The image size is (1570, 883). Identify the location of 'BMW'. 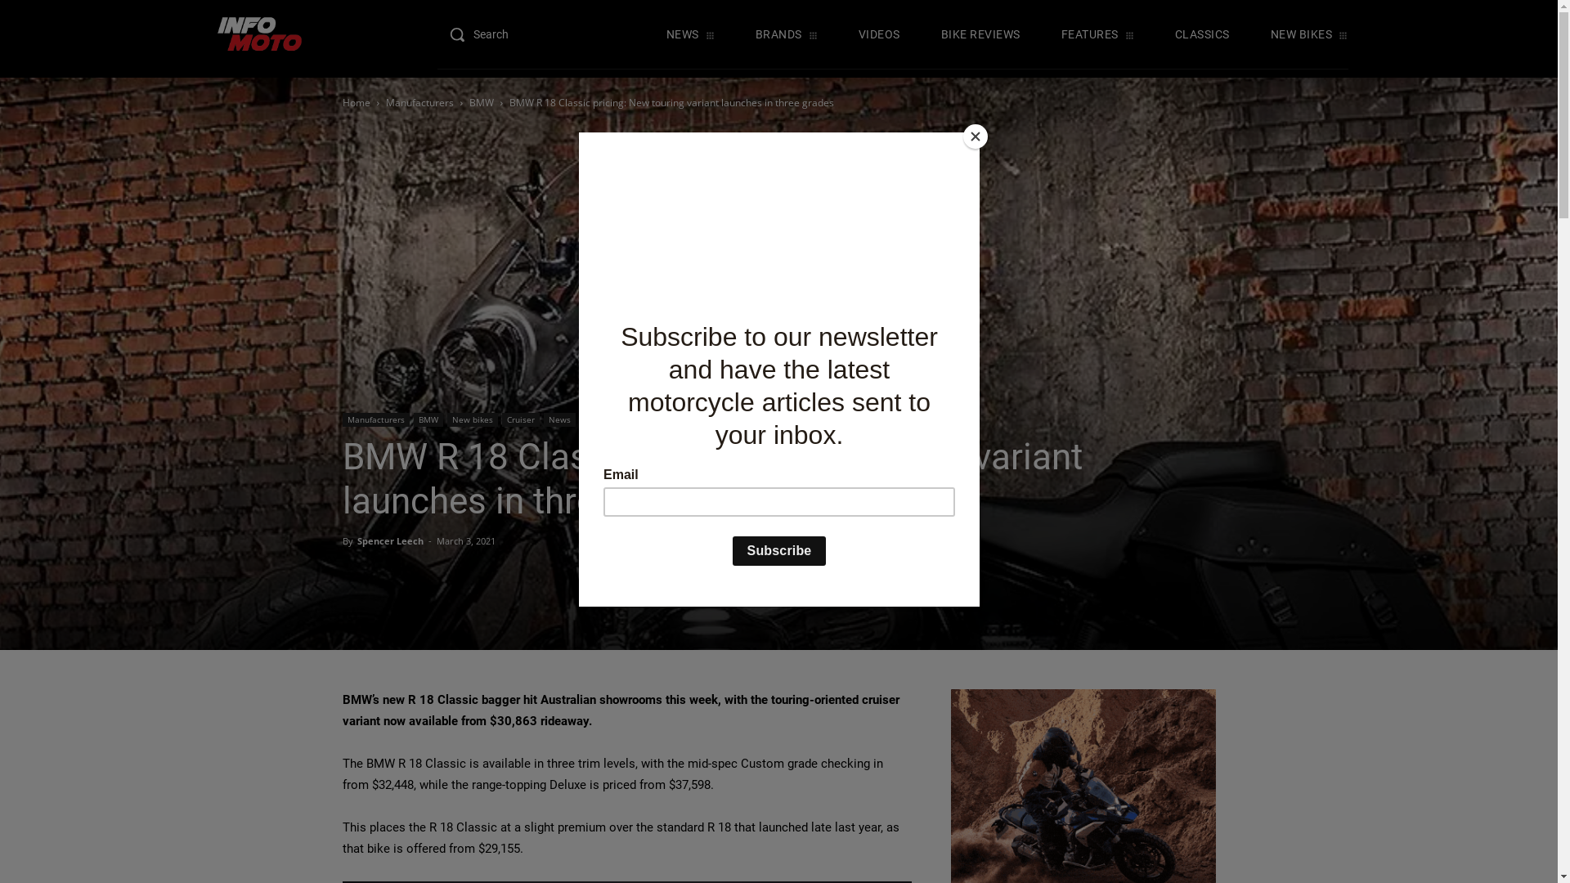
(469, 102).